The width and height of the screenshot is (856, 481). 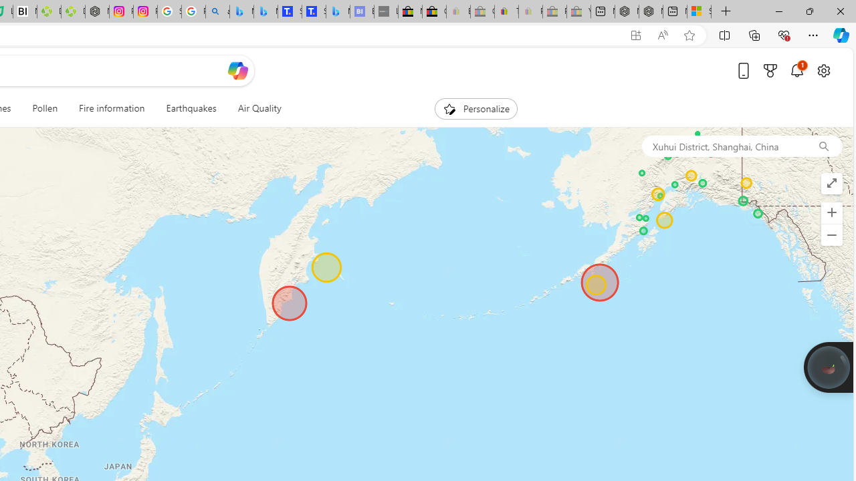 I want to click on 'Xuhui District, Shanghai, China', so click(x=722, y=146).